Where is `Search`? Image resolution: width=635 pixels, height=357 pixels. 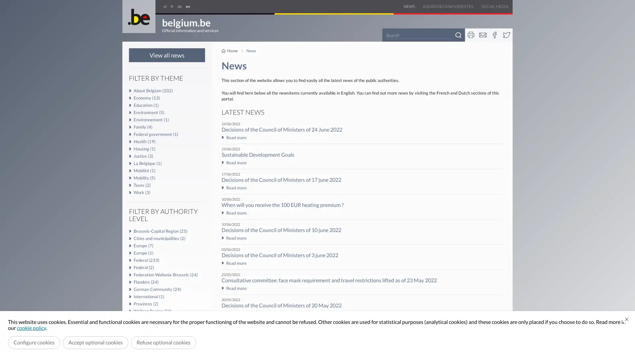 Search is located at coordinates (458, 35).